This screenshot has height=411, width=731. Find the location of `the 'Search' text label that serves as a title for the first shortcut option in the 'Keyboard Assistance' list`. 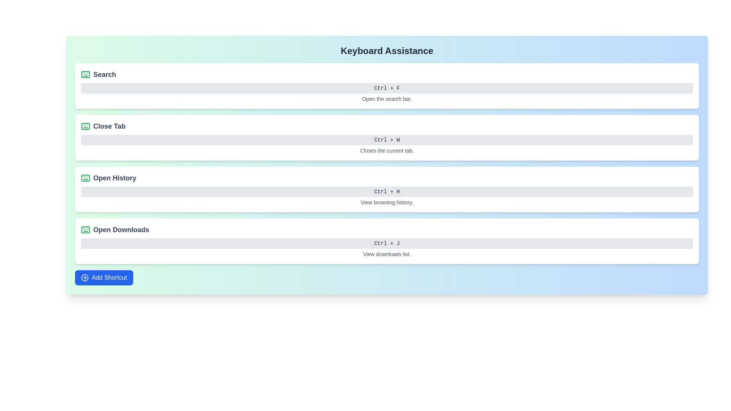

the 'Search' text label that serves as a title for the first shortcut option in the 'Keyboard Assistance' list is located at coordinates (104, 75).